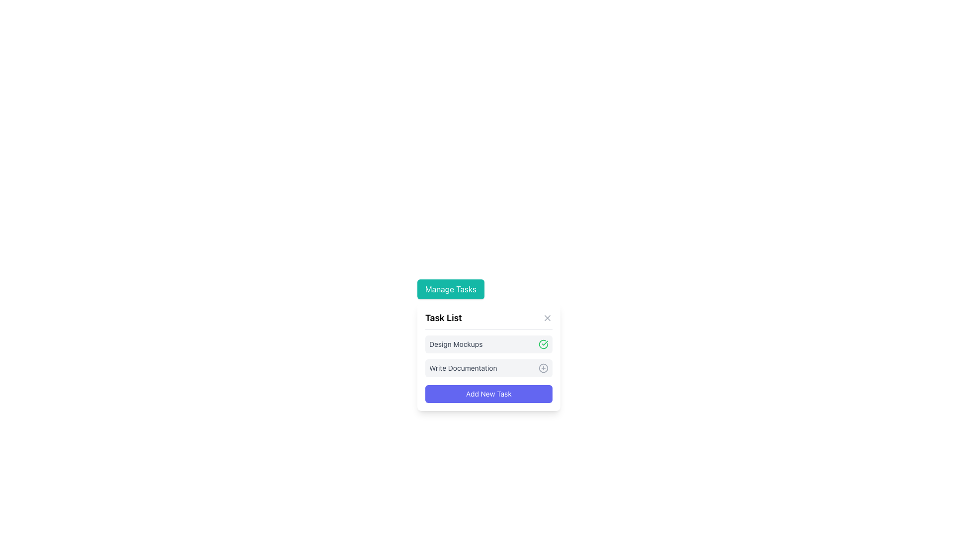 The image size is (954, 536). I want to click on the small circular gray button with an 'X' mark located at the top-right corner of the 'Task List' section, so click(547, 318).